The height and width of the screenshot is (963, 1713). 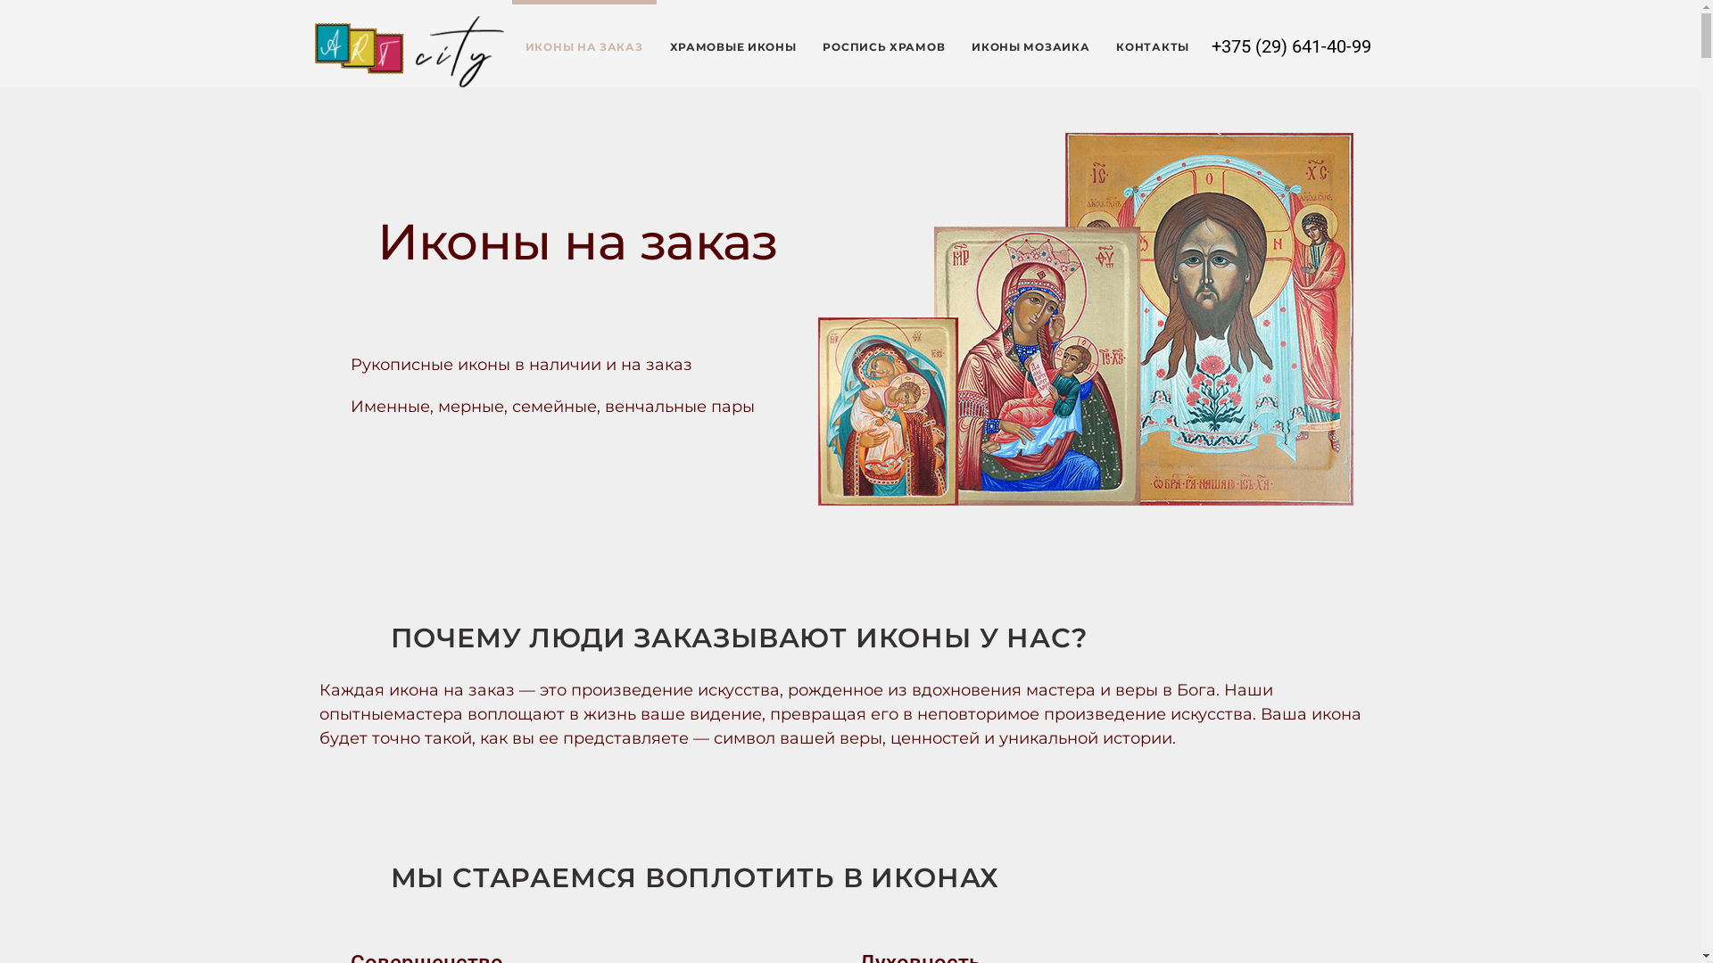 What do you see at coordinates (1291, 45) in the screenshot?
I see `'+375 (29) 641-40-99'` at bounding box center [1291, 45].